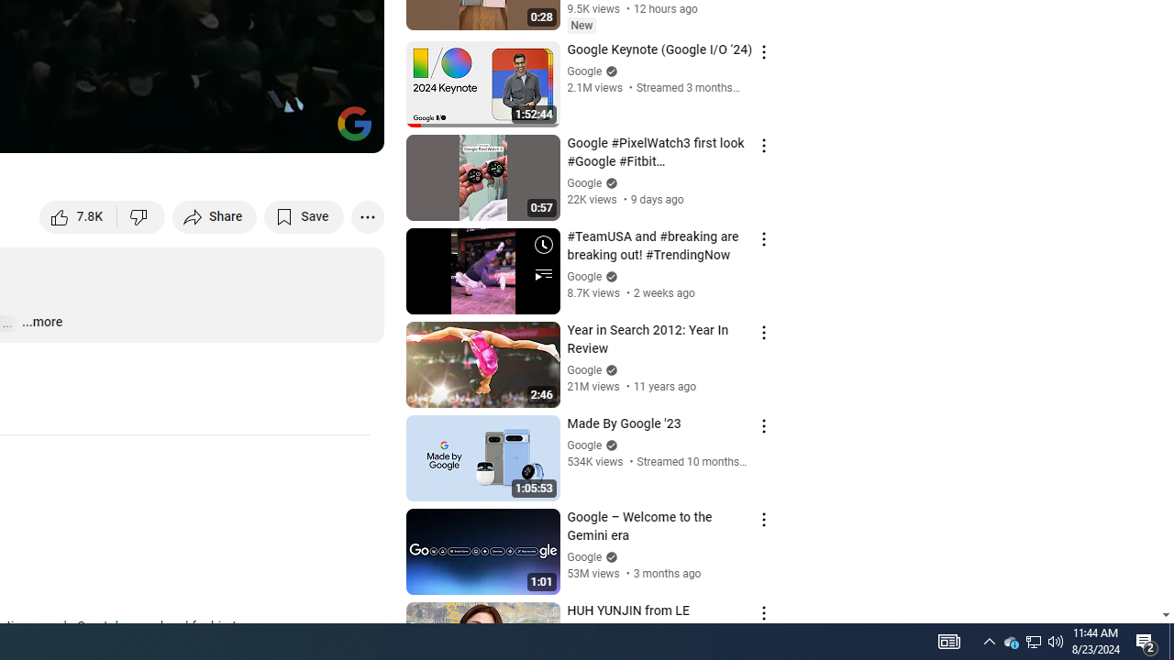 Image resolution: width=1174 pixels, height=660 pixels. I want to click on 'New', so click(581, 25).